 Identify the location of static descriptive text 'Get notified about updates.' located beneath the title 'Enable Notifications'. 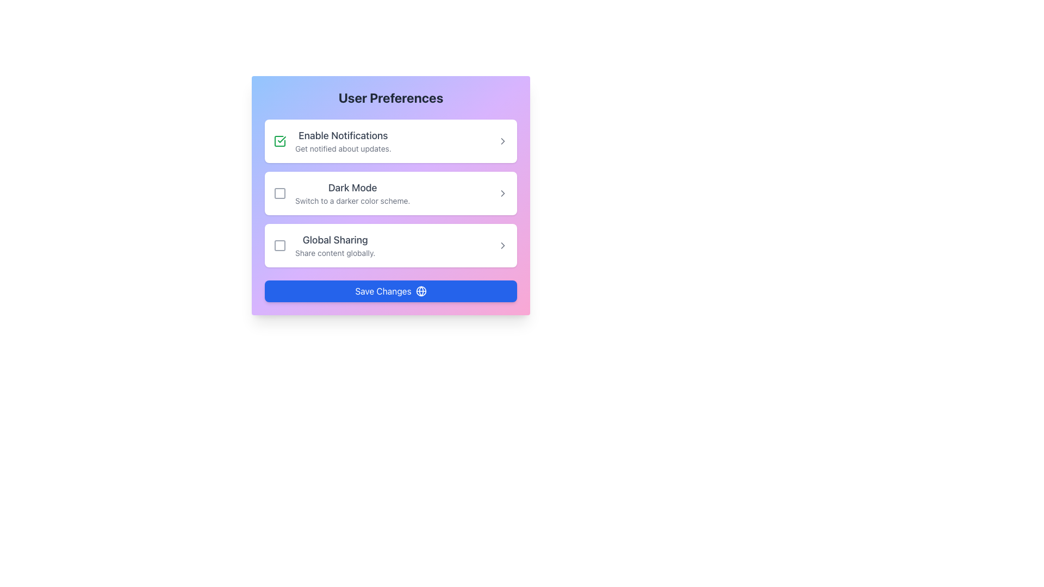
(343, 148).